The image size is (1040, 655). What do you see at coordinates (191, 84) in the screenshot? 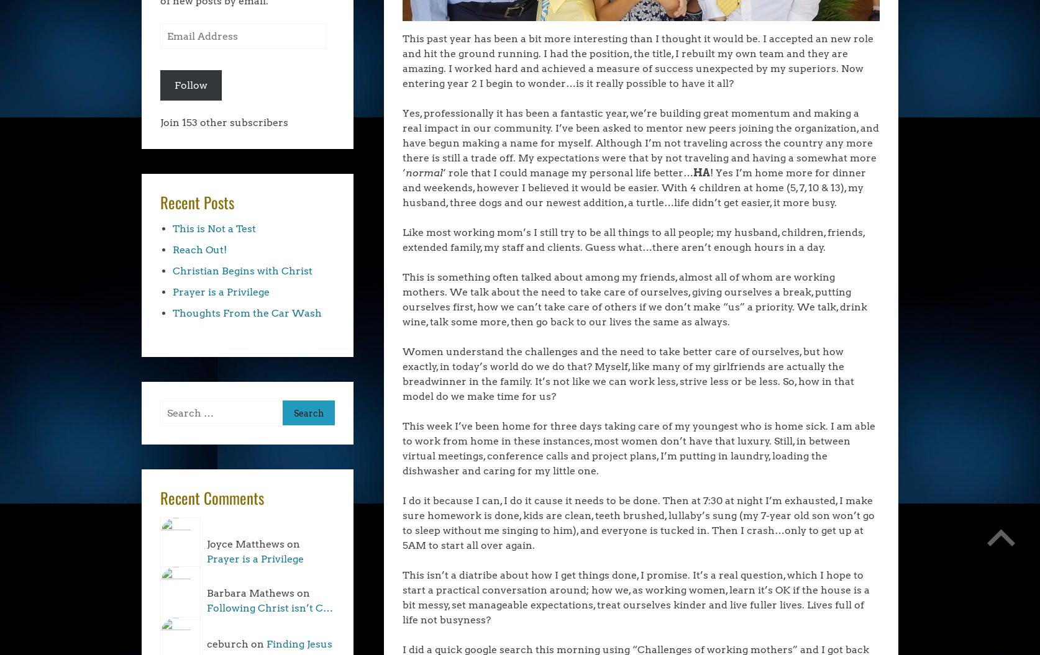
I see `'Follow'` at bounding box center [191, 84].